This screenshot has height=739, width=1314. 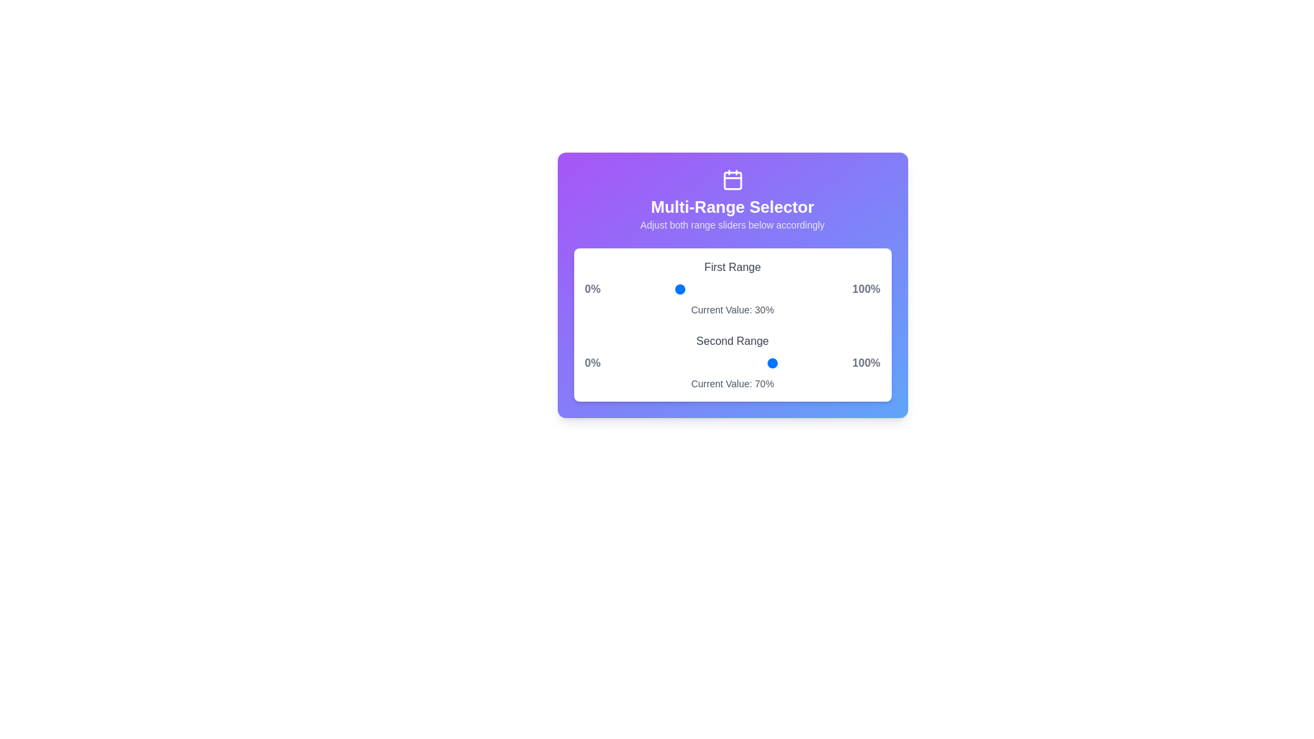 What do you see at coordinates (617, 363) in the screenshot?
I see `the second range slider` at bounding box center [617, 363].